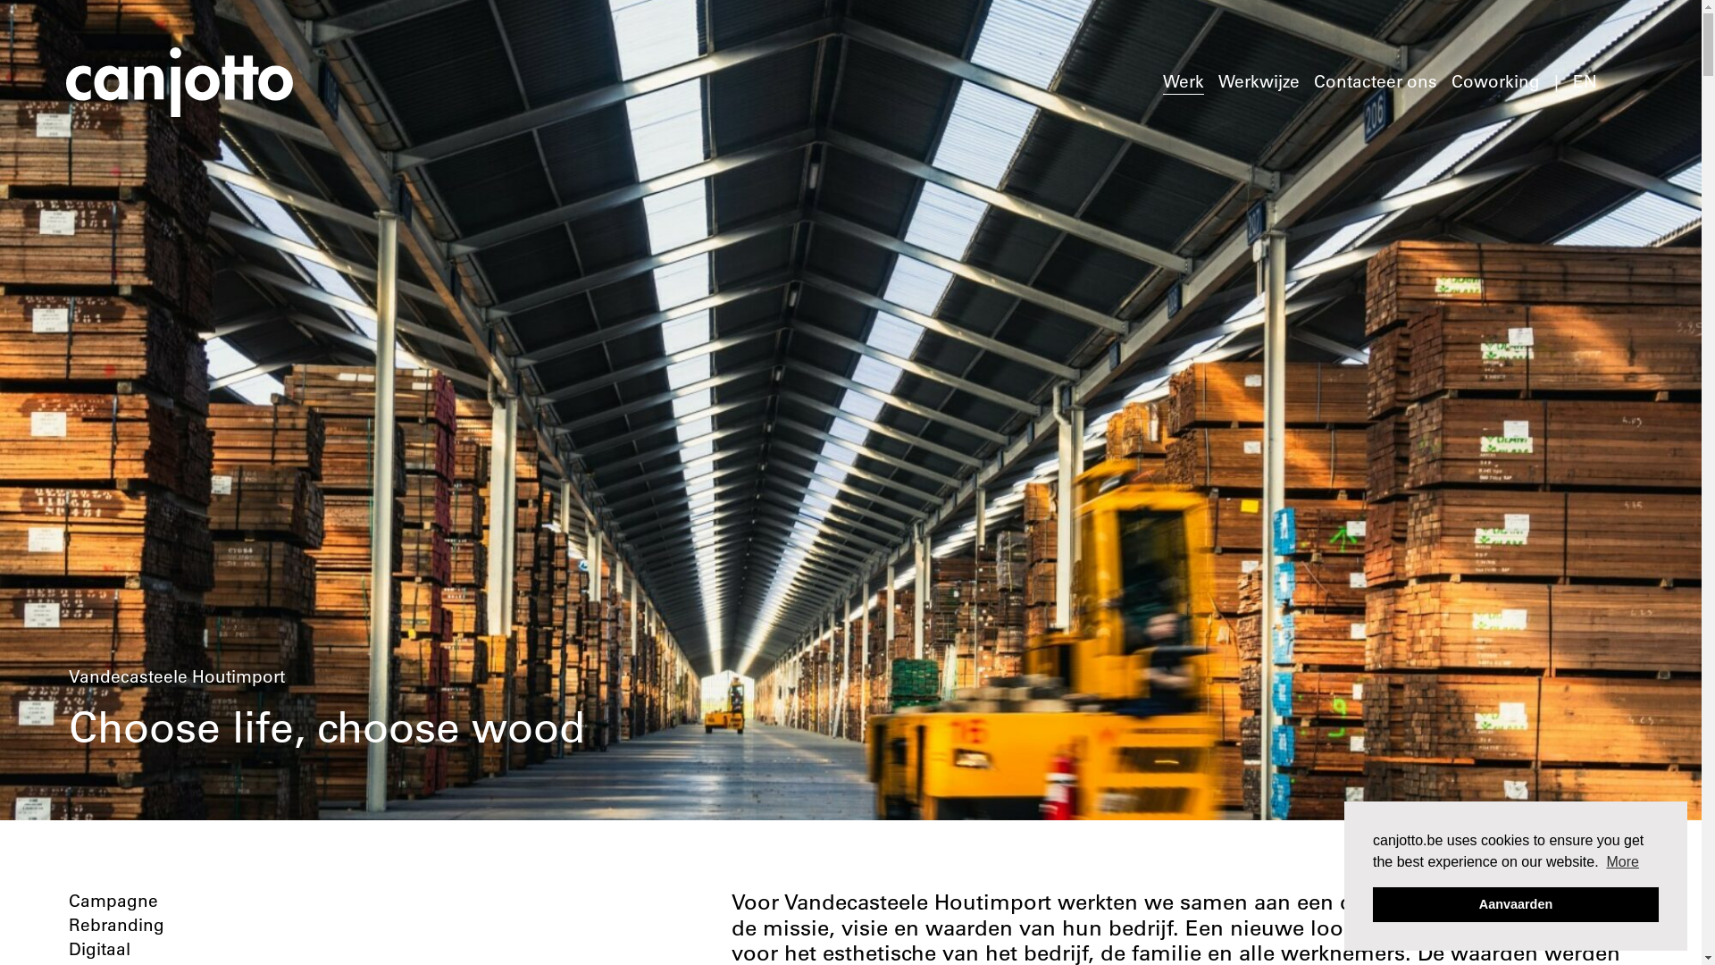 This screenshot has width=1715, height=965. Describe the element at coordinates (1515, 903) in the screenshot. I see `'Aanvaarden'` at that location.